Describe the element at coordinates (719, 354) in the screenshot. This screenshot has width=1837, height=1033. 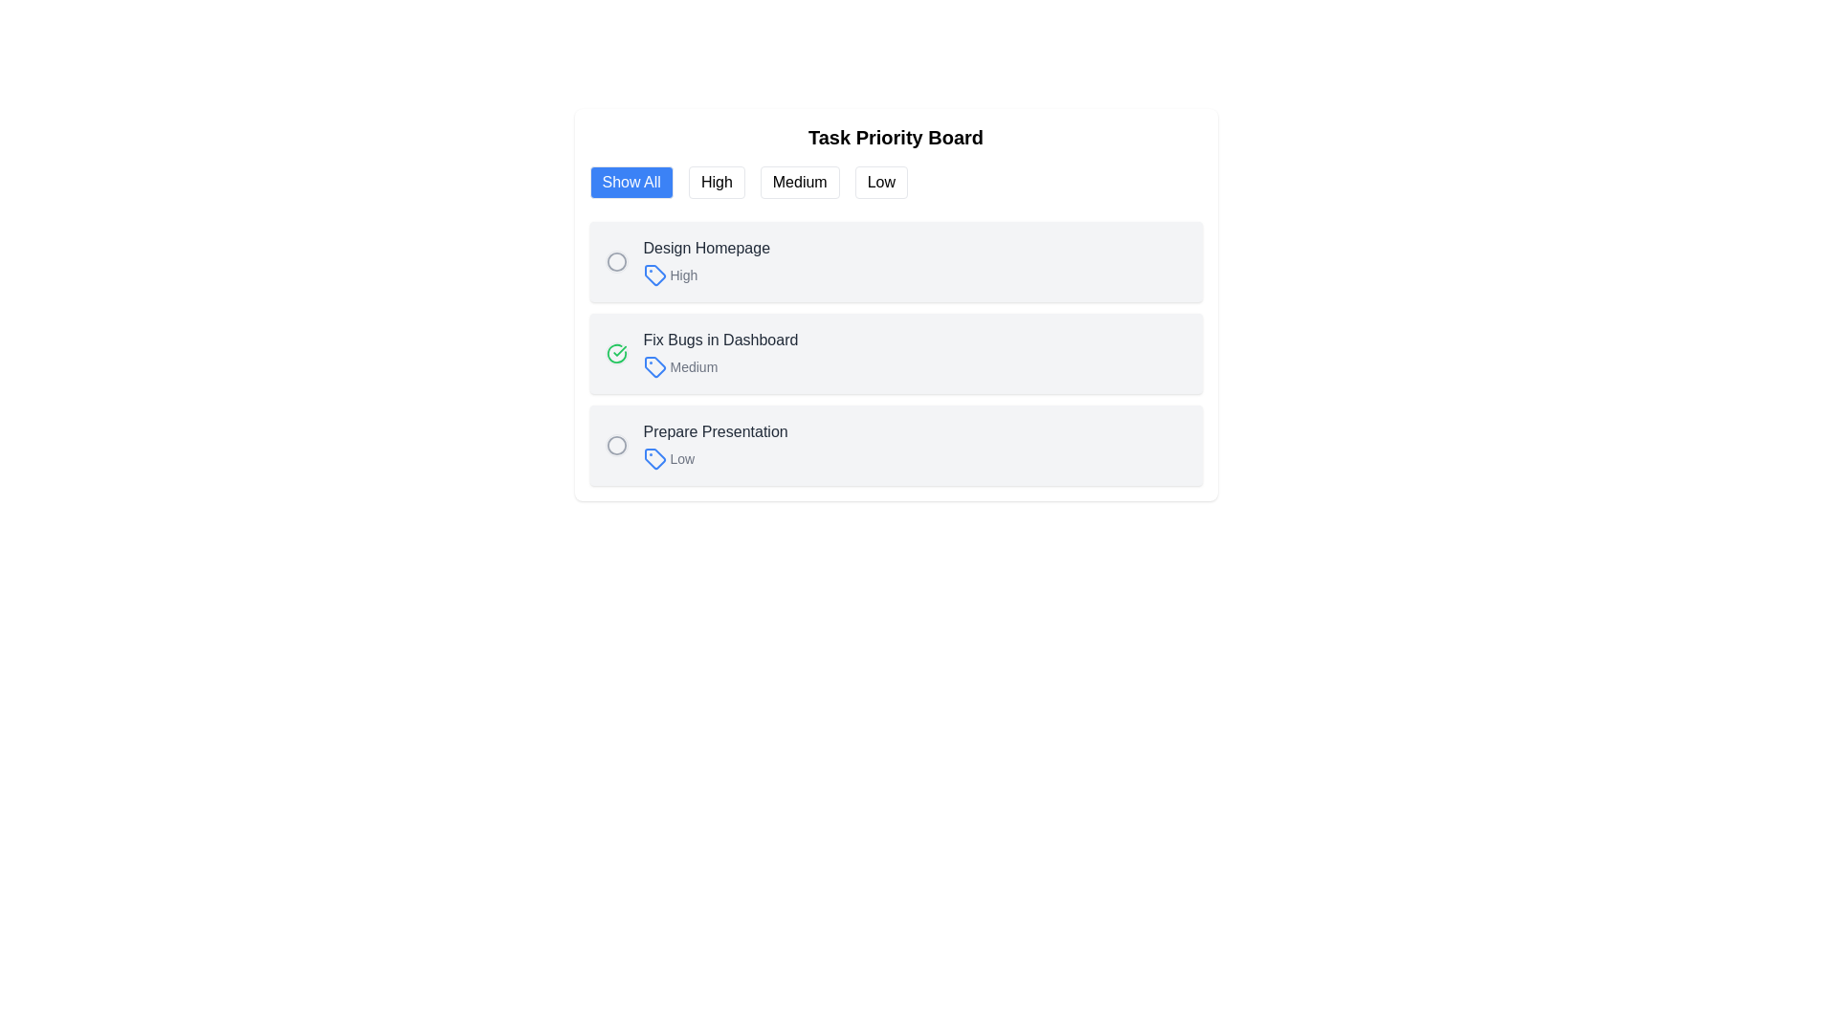
I see `the 'Fix Bugs in Dashboard' task item` at that location.